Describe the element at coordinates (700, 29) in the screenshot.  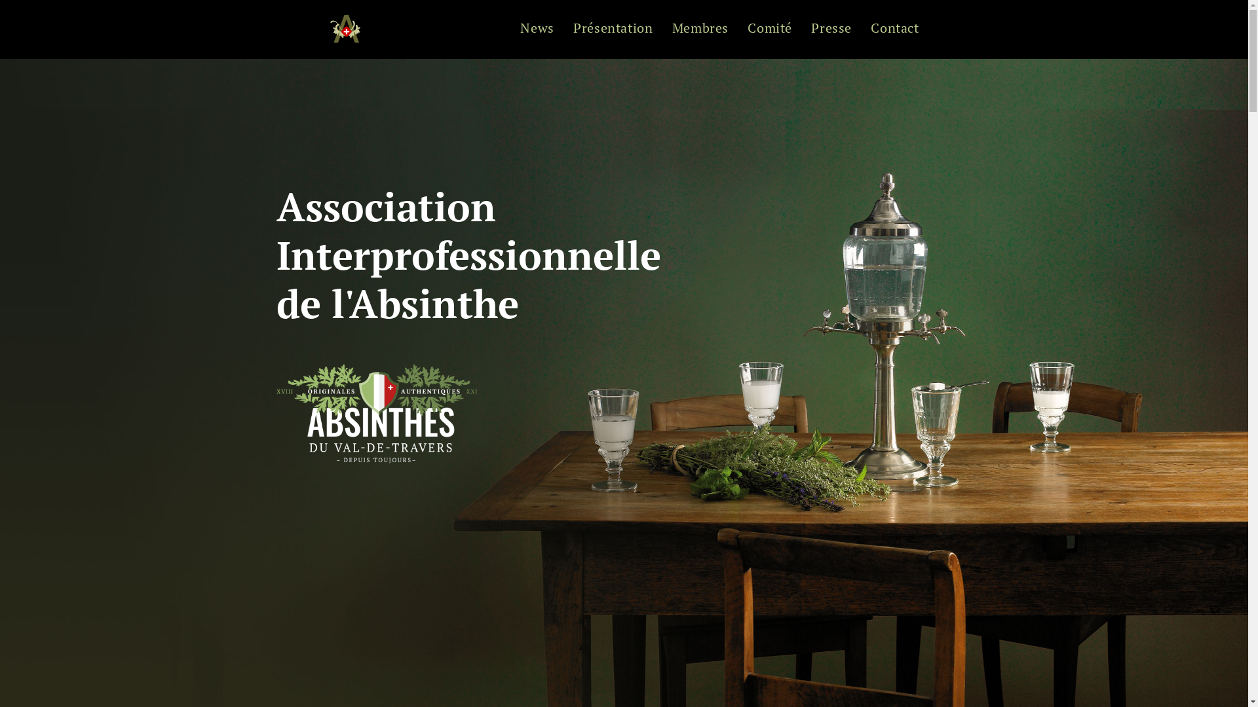
I see `'Membres'` at that location.